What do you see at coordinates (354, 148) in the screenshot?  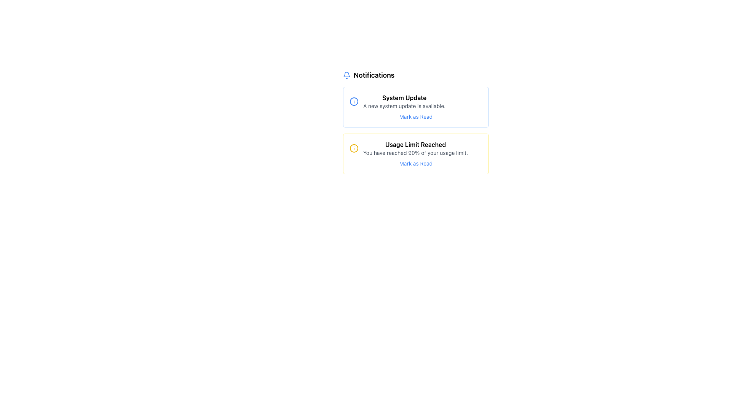 I see `the Decorative icon in the 'Usage Limit Reached' notification box to emphasize the importance of the accompanying message` at bounding box center [354, 148].